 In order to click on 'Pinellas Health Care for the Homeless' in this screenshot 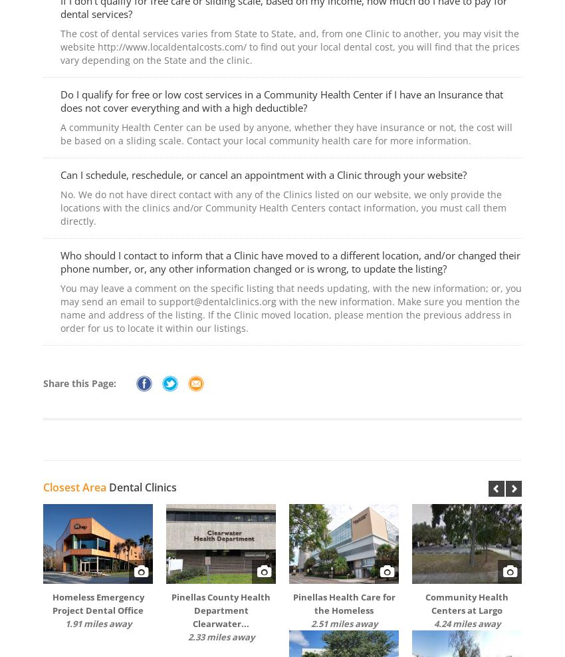, I will do `click(342, 602)`.